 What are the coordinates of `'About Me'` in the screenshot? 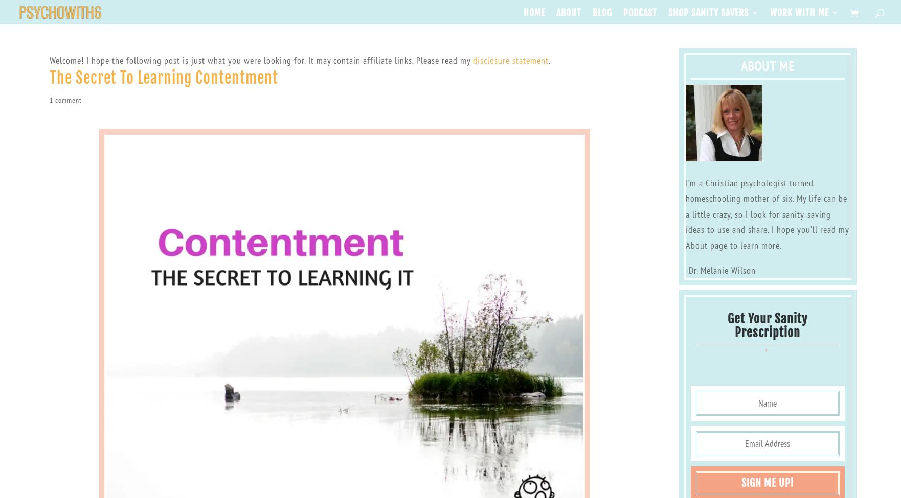 It's located at (740, 65).